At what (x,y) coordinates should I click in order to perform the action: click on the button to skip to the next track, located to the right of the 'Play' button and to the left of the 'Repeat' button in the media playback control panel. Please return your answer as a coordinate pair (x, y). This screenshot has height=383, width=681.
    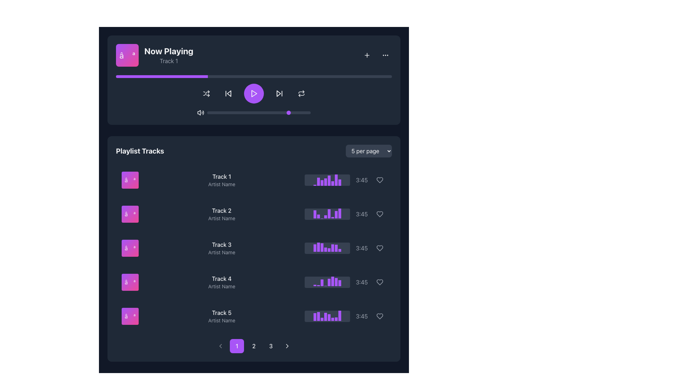
    Looking at the image, I should click on (279, 93).